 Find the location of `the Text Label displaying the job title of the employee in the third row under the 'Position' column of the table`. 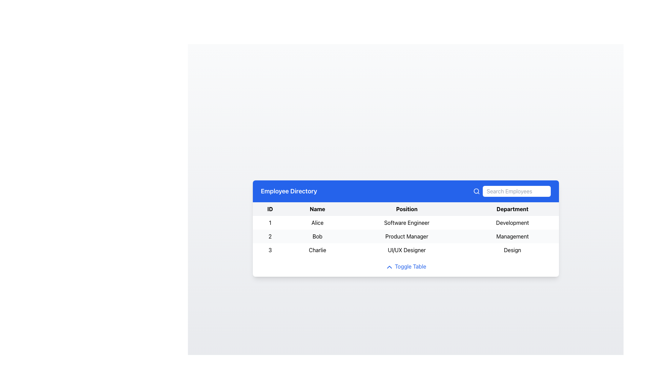

the Text Label displaying the job title of the employee in the third row under the 'Position' column of the table is located at coordinates (407, 250).